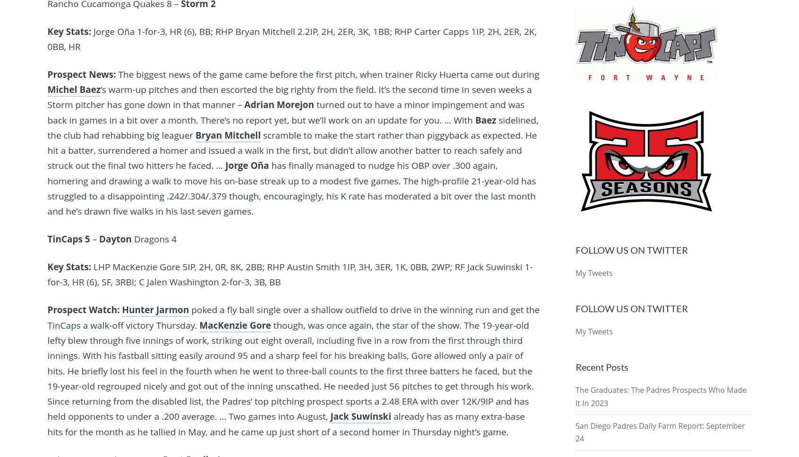  What do you see at coordinates (485, 119) in the screenshot?
I see `'Baez'` at bounding box center [485, 119].